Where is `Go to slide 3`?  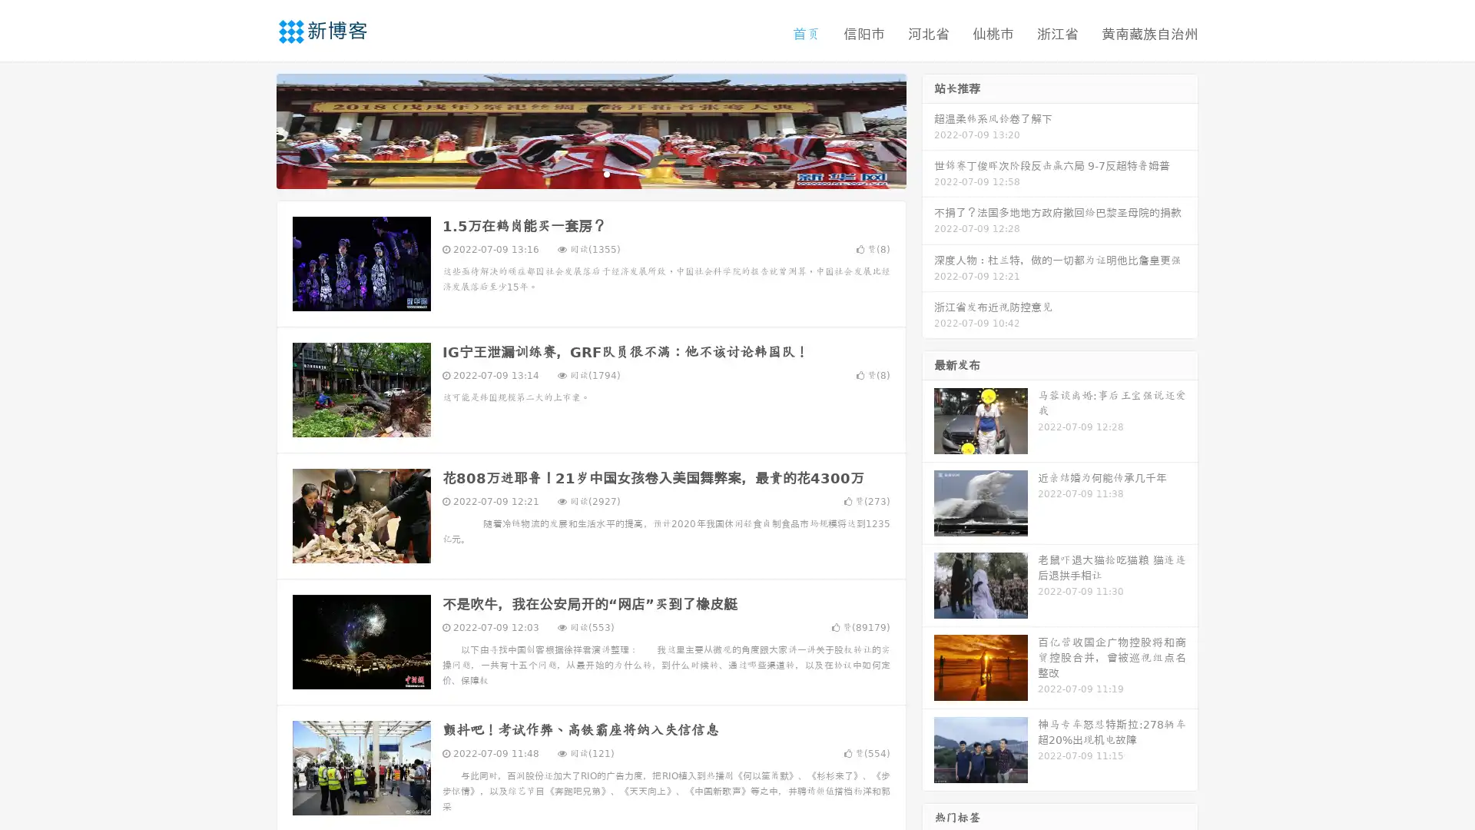
Go to slide 3 is located at coordinates (606, 173).